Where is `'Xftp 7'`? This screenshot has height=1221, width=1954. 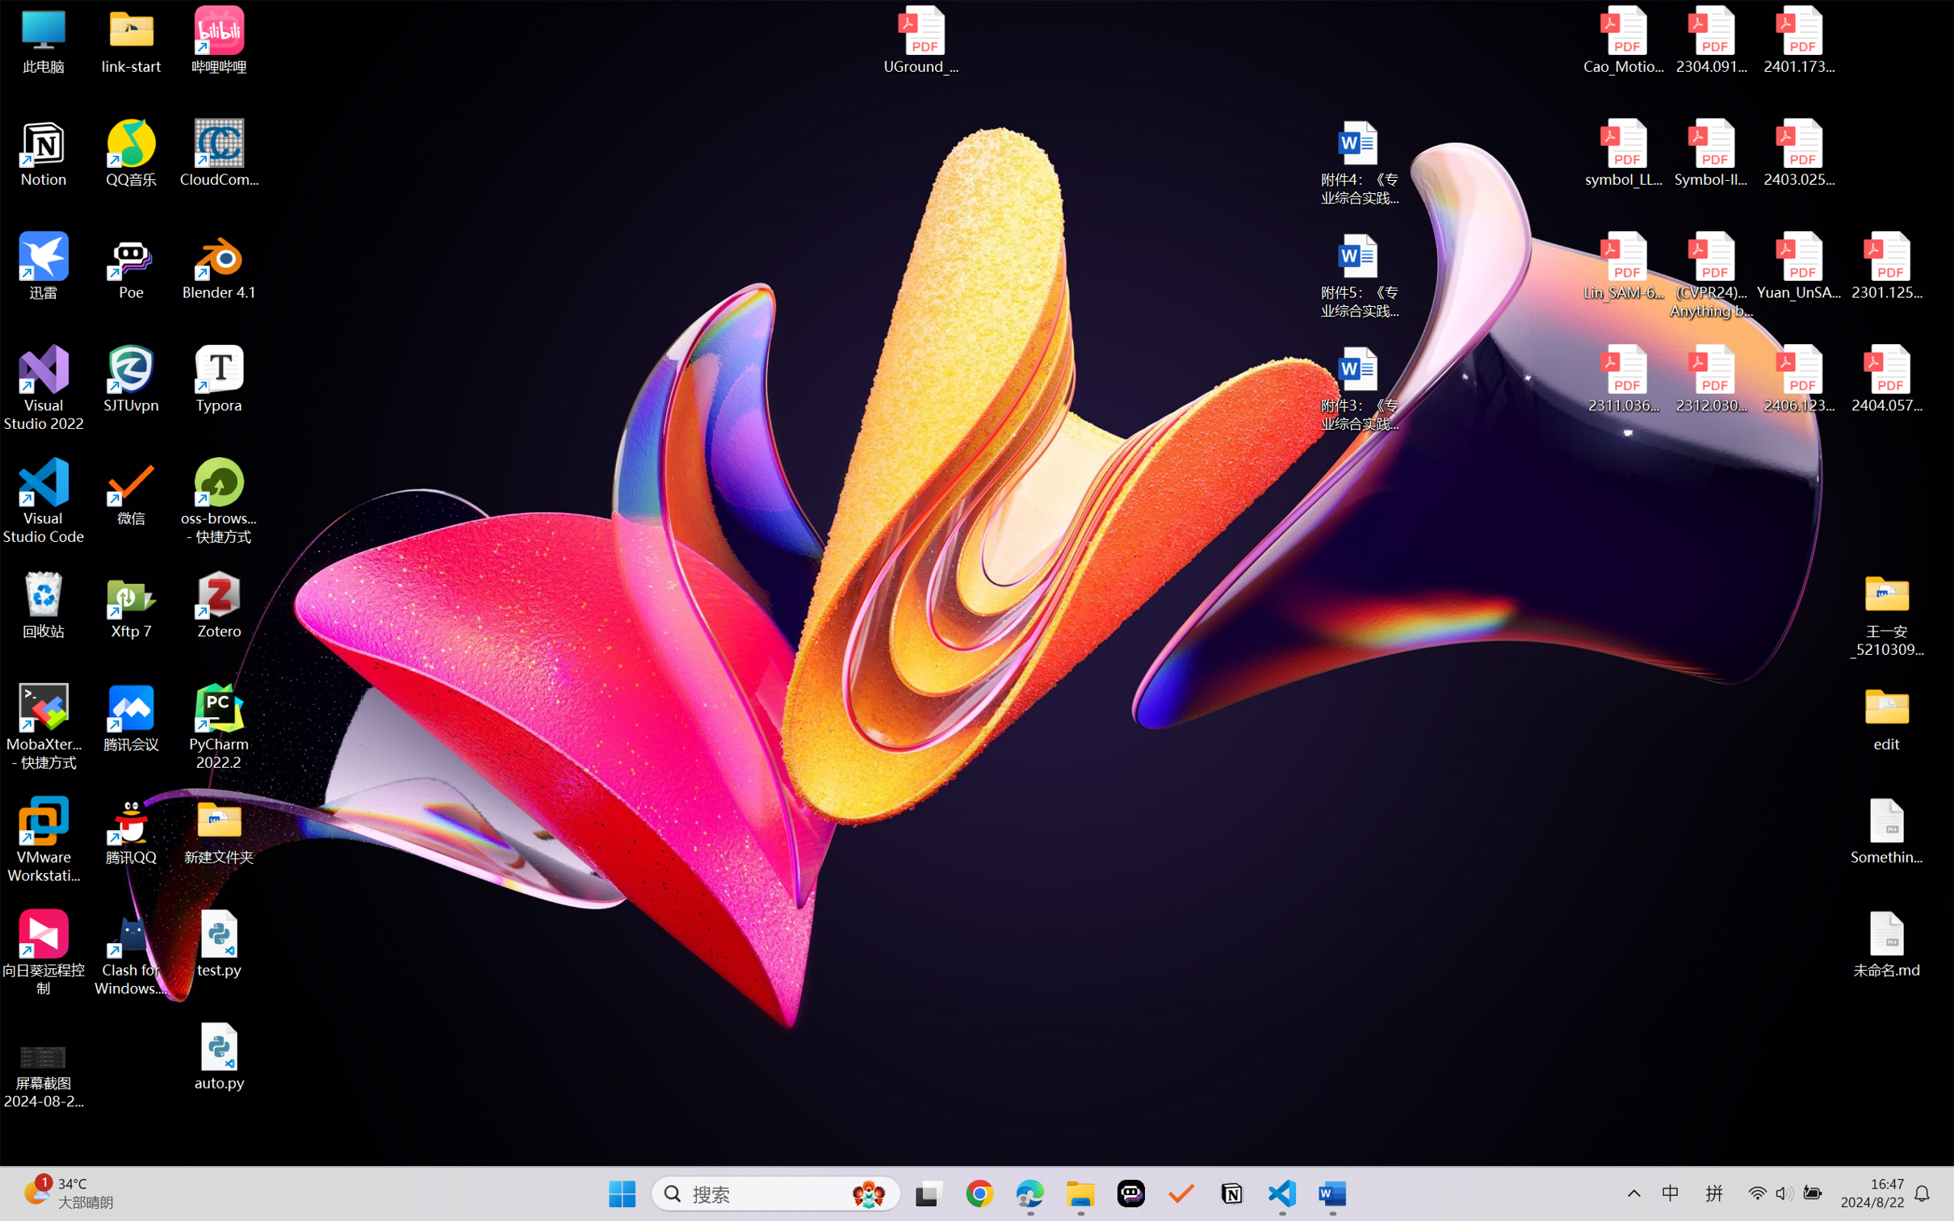 'Xftp 7' is located at coordinates (132, 604).